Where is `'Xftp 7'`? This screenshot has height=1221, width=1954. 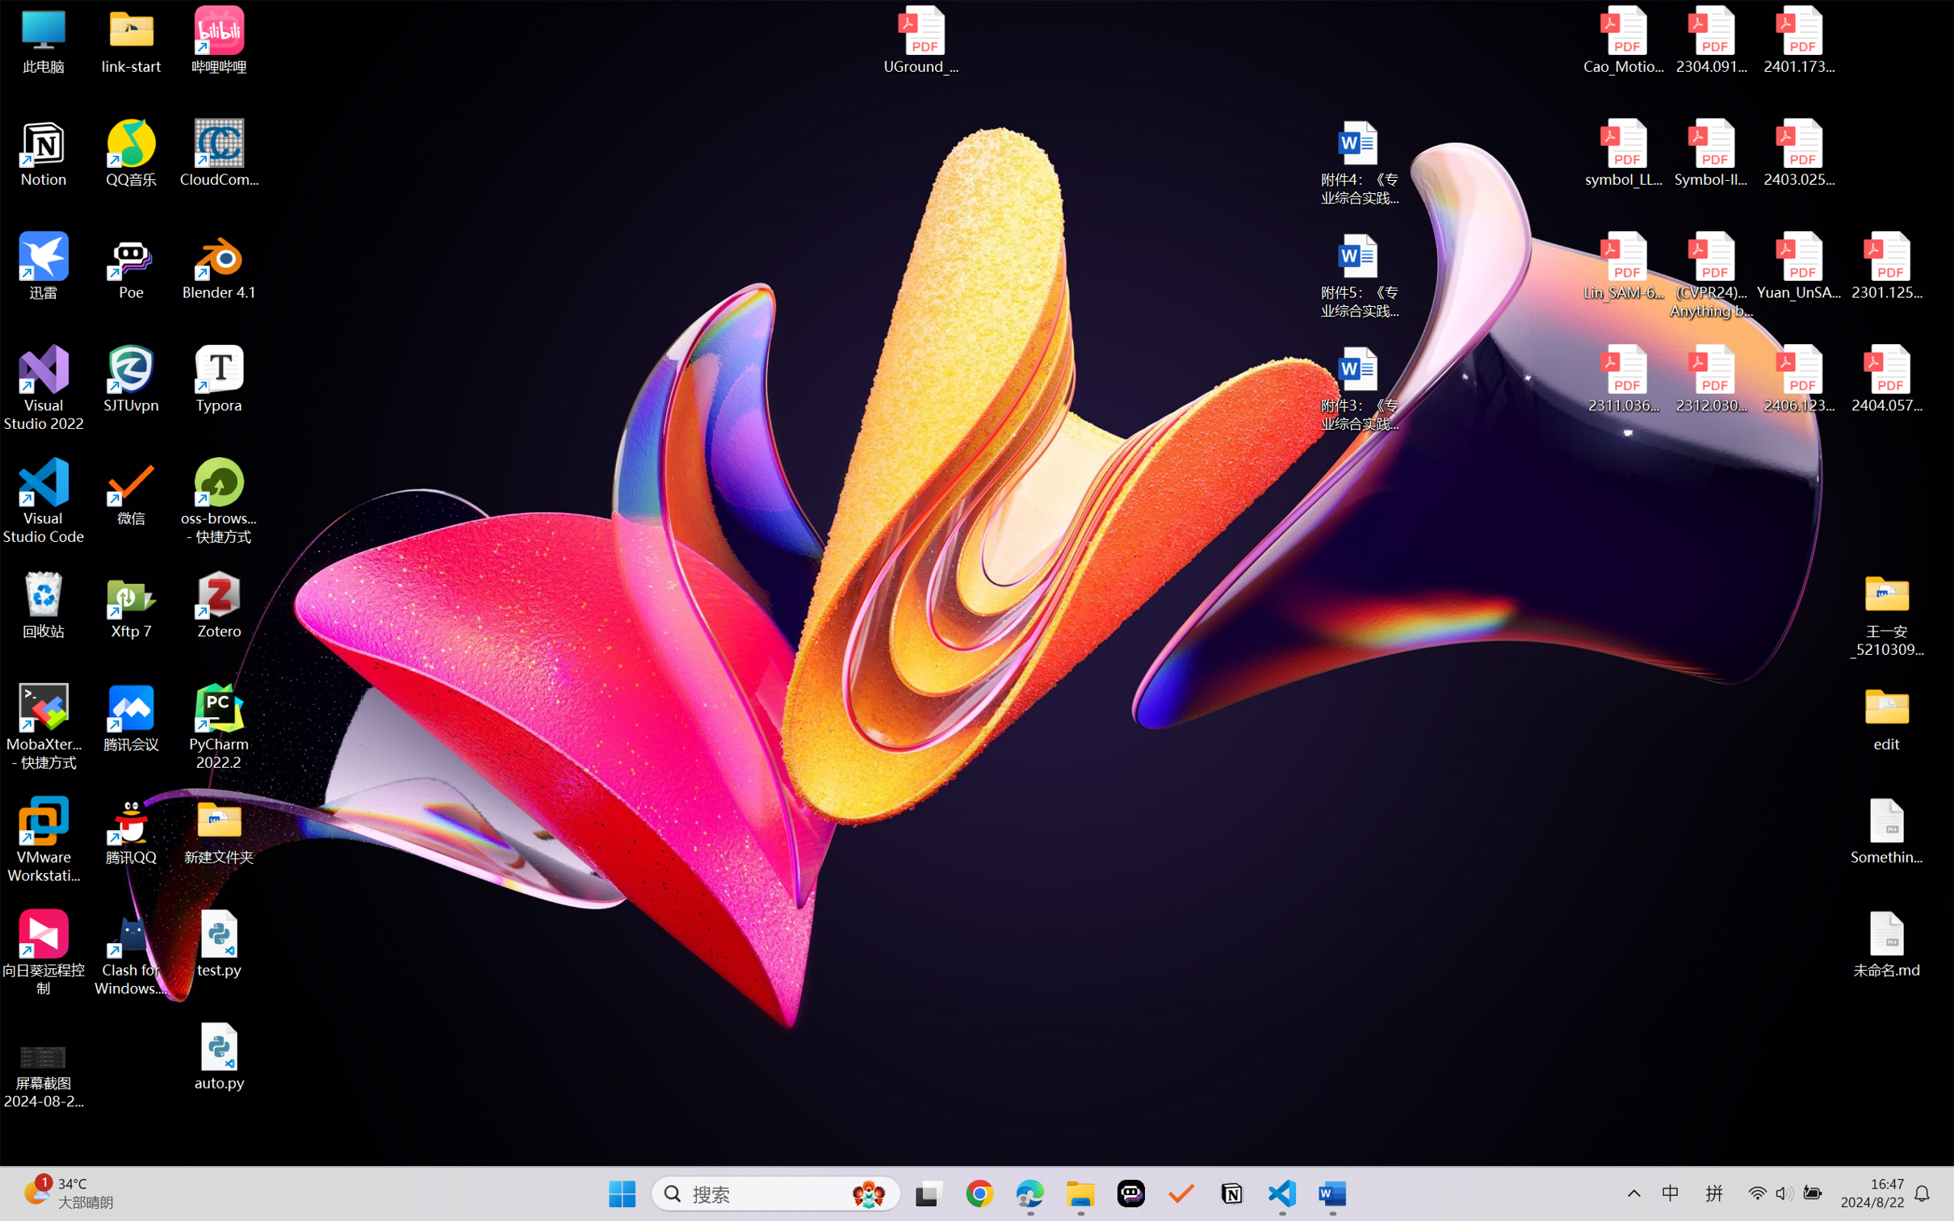 'Xftp 7' is located at coordinates (132, 604).